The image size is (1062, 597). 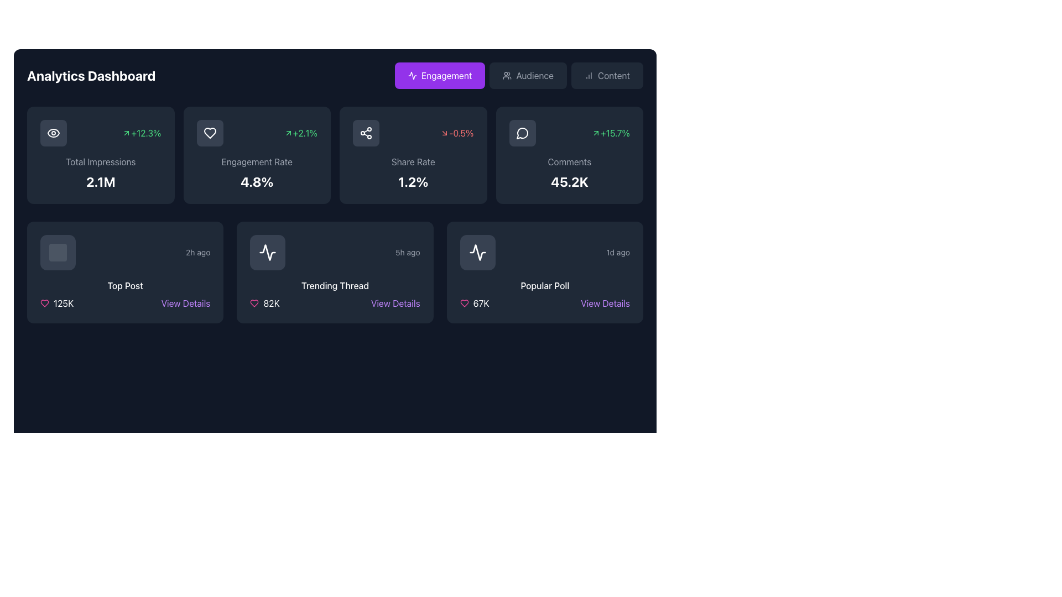 I want to click on the engagement rate data display card, which is the second card in a horizontal grid of four cards, positioned between the 'Total Impressions' card and the 'Share Rate' card, so click(x=256, y=155).